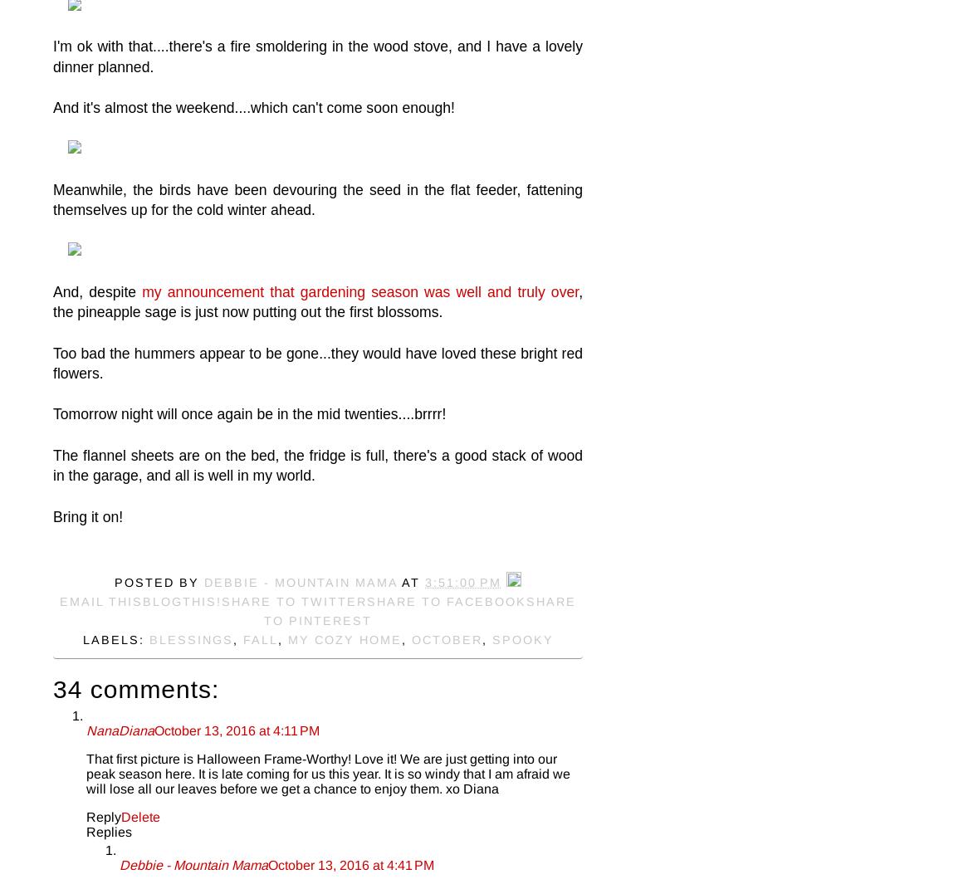  Describe the element at coordinates (87, 515) in the screenshot. I see `'Bring it on!'` at that location.